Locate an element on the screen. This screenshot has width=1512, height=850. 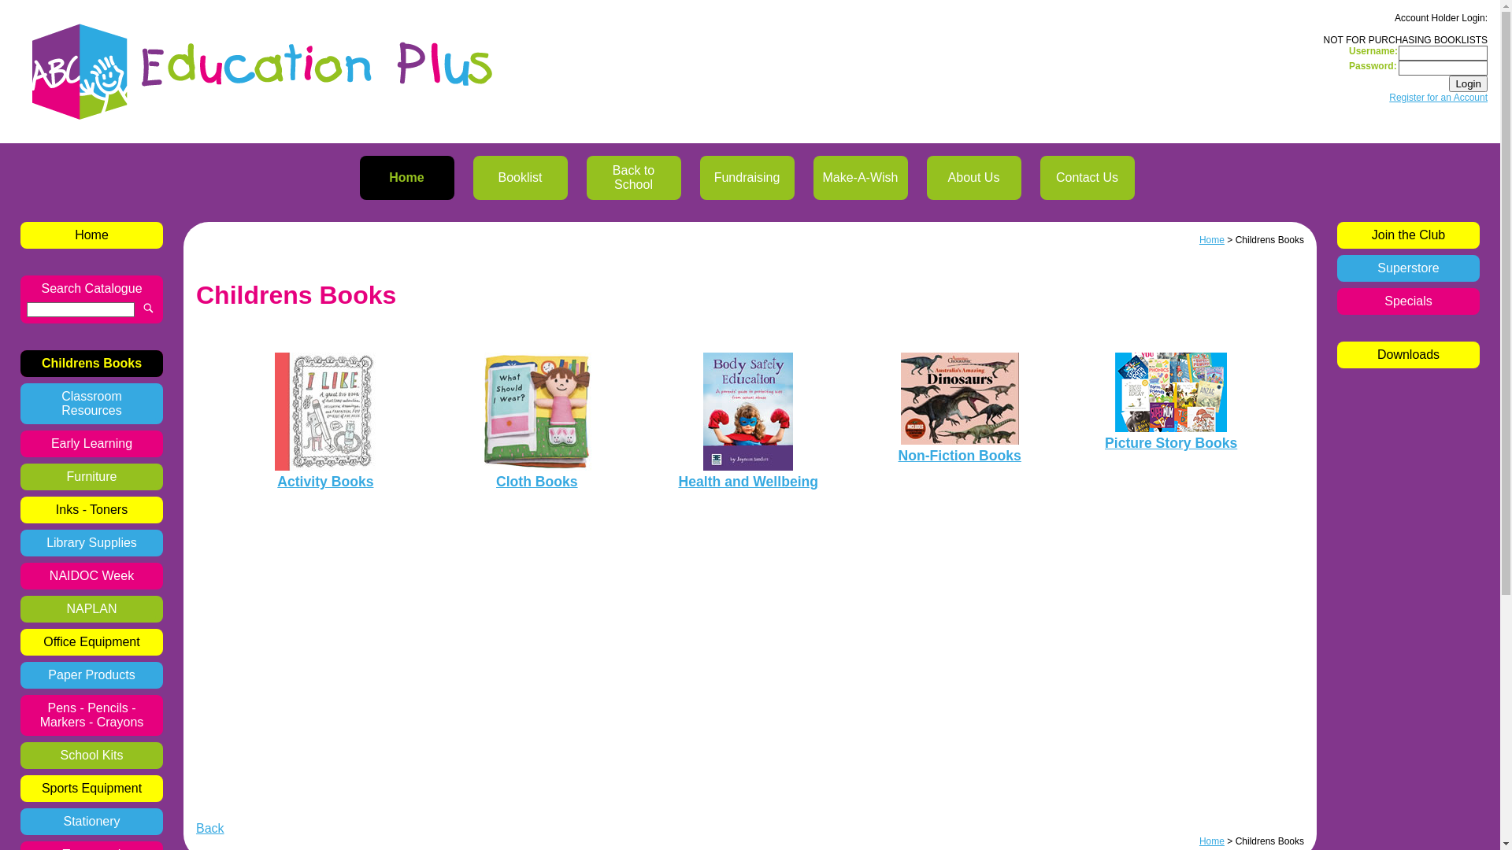
'Health and Wellbeing' is located at coordinates (747, 481).